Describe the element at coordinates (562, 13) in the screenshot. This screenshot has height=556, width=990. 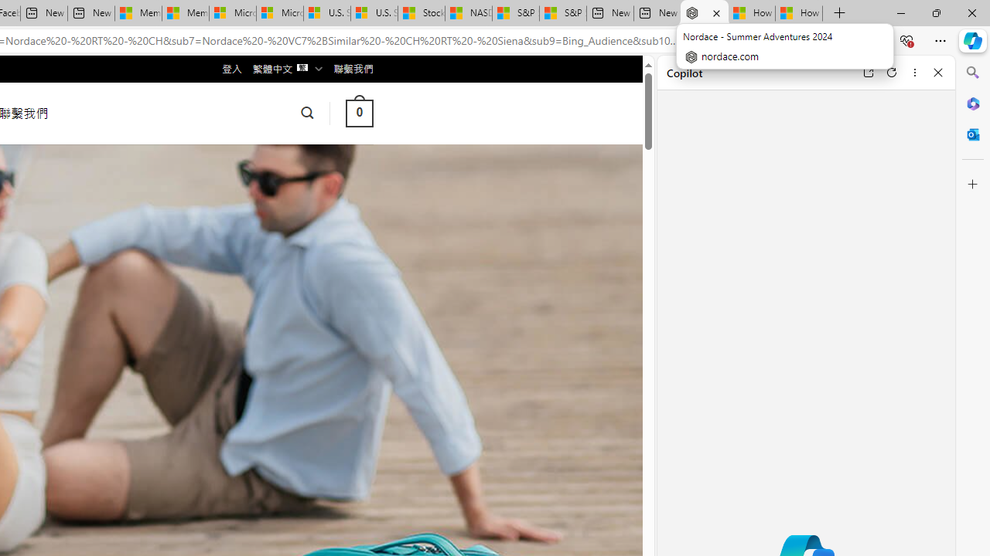
I see `'S&P 500, Nasdaq end lower, weighed by Nvidia dip | Watch'` at that location.